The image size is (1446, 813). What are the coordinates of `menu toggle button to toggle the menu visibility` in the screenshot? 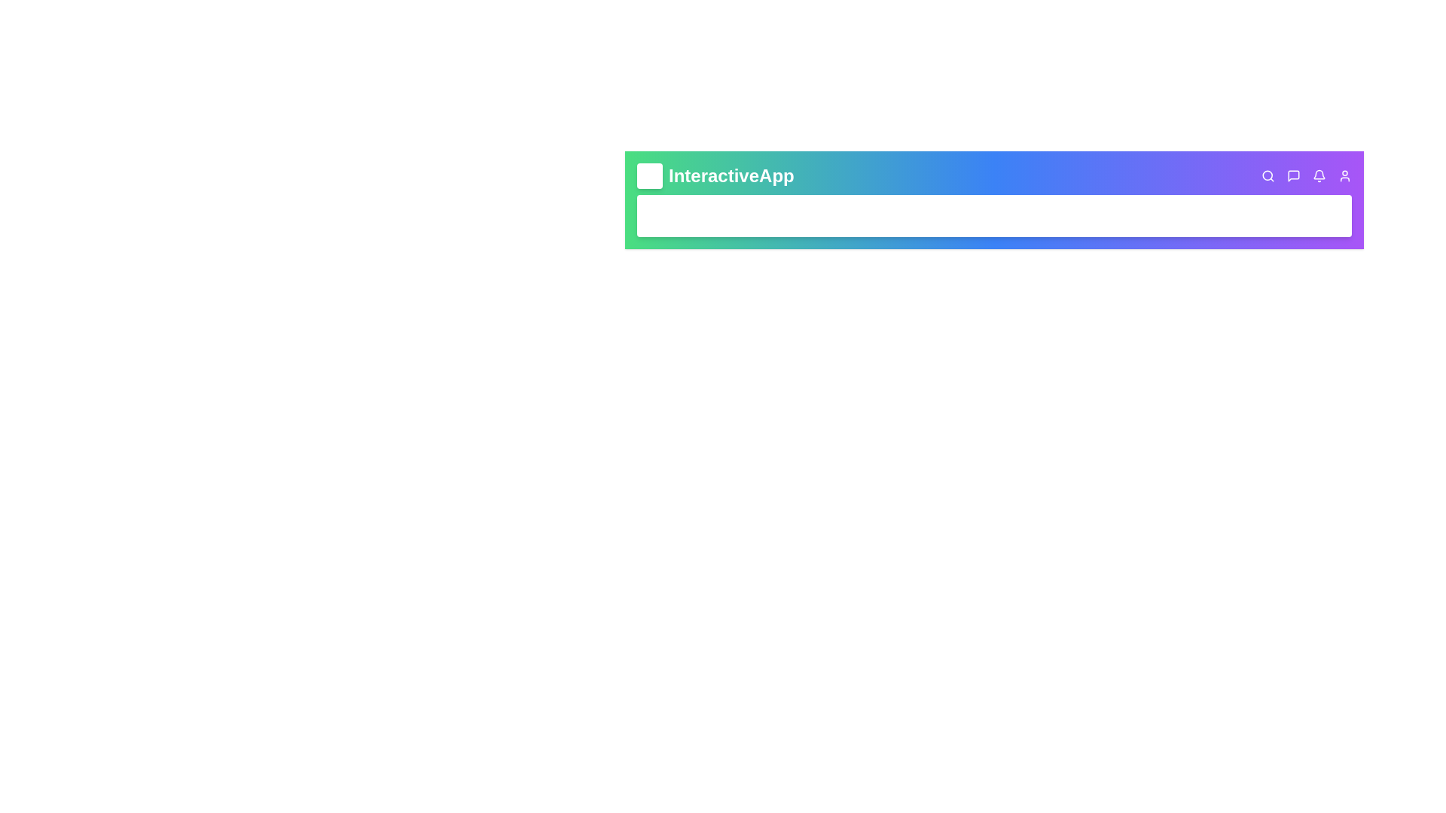 It's located at (650, 175).